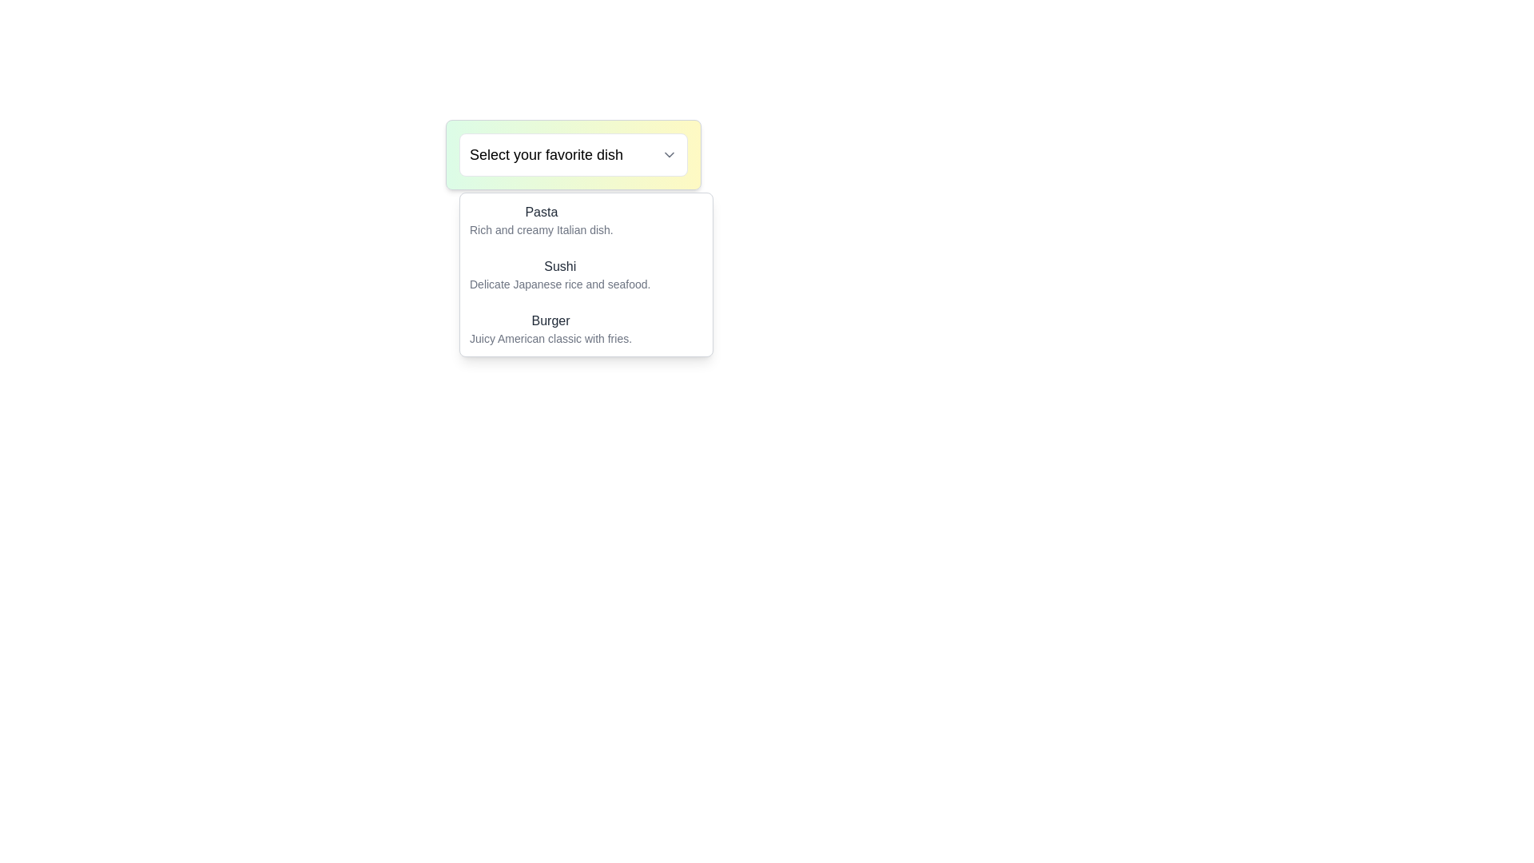 This screenshot has width=1534, height=863. Describe the element at coordinates (586, 273) in the screenshot. I see `the dropdown menu item list` at that location.